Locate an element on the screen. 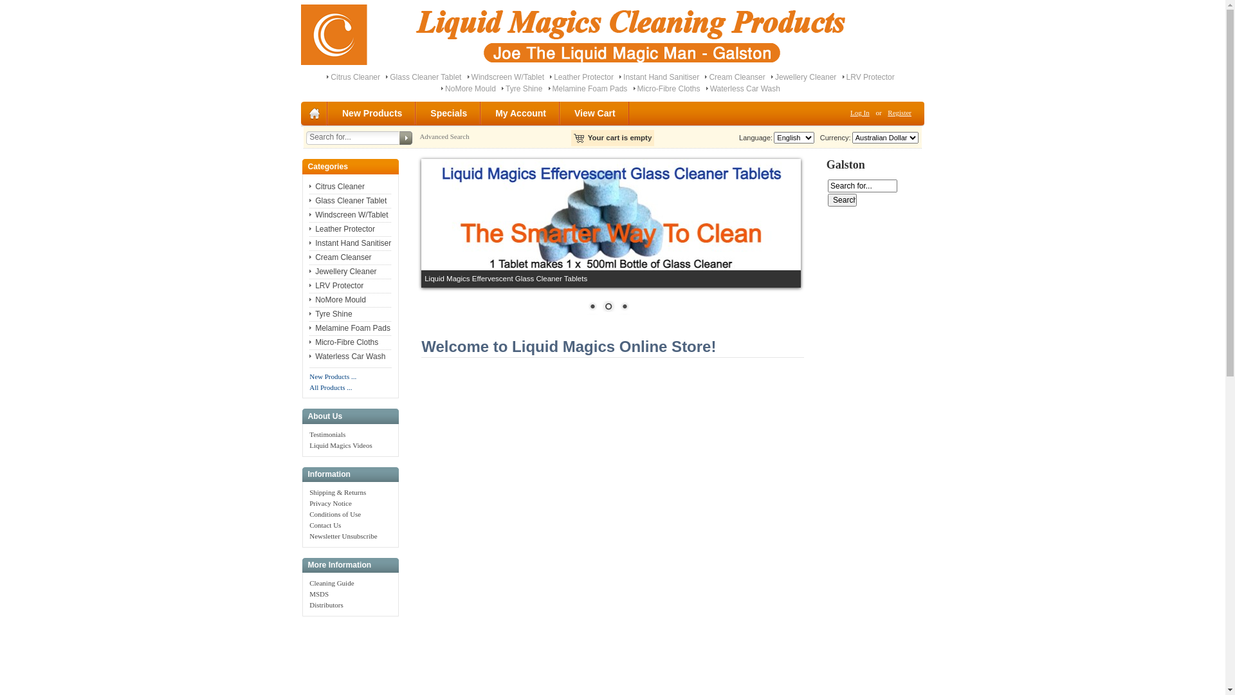 The width and height of the screenshot is (1235, 695). 'Newsletter Unsubscribe' is located at coordinates (343, 536).